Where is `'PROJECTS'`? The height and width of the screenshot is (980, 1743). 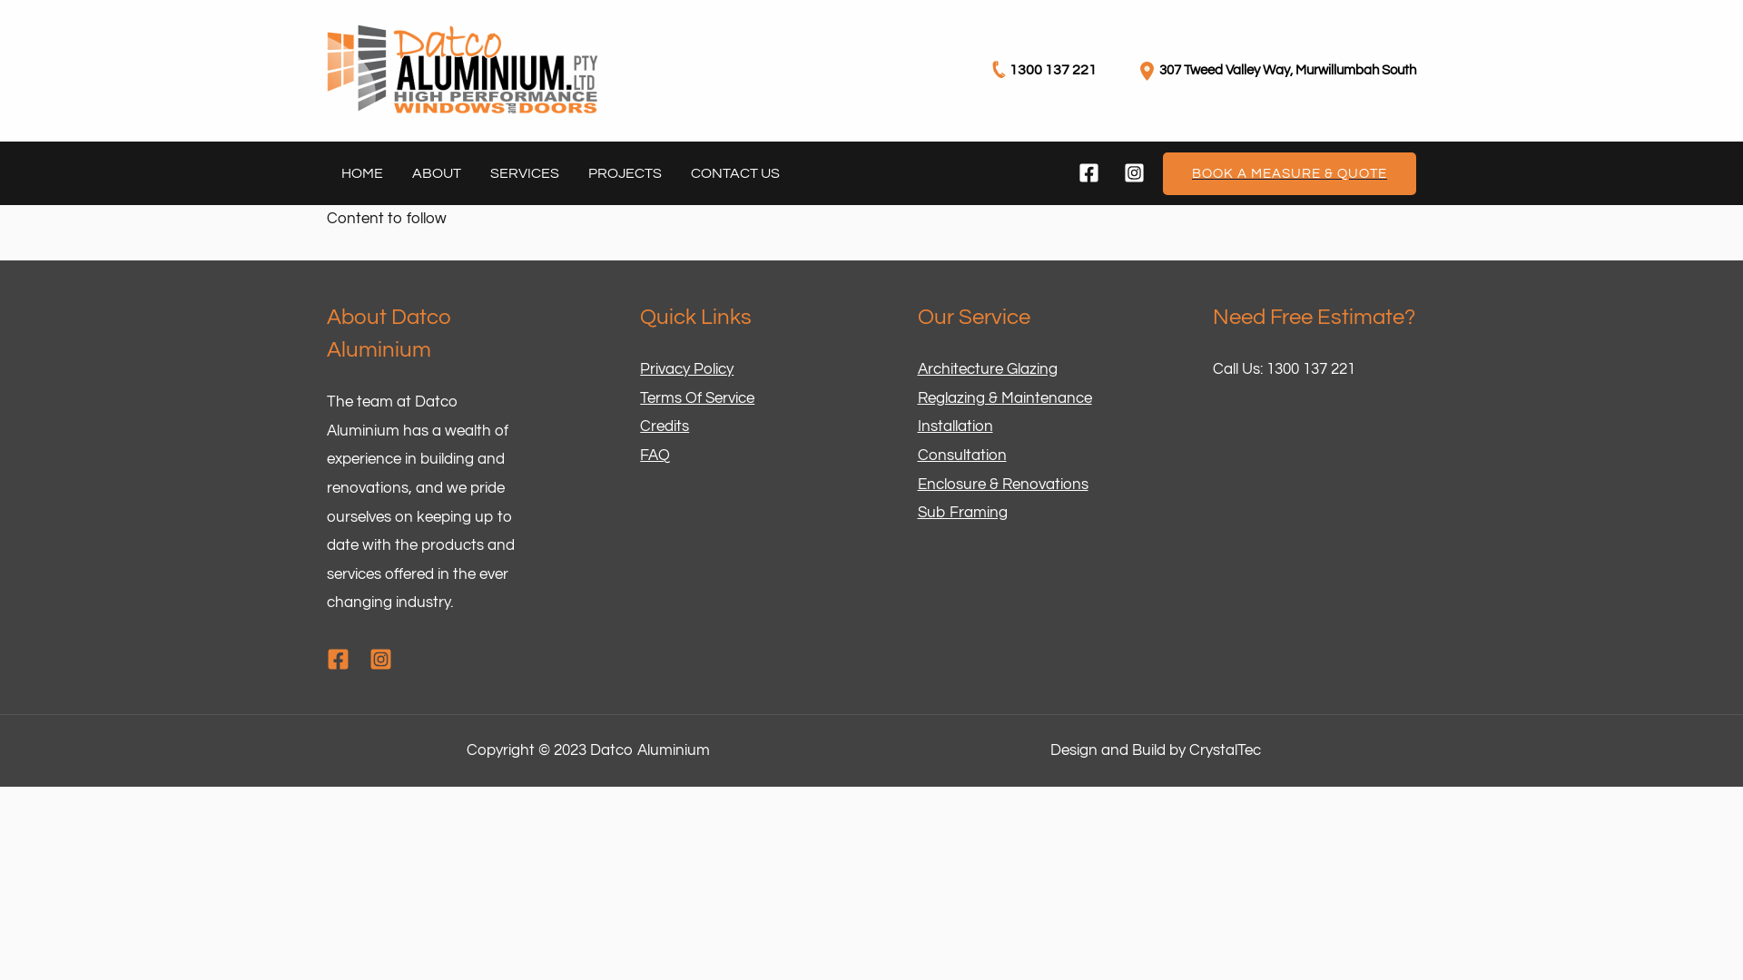
'PROJECTS' is located at coordinates (625, 173).